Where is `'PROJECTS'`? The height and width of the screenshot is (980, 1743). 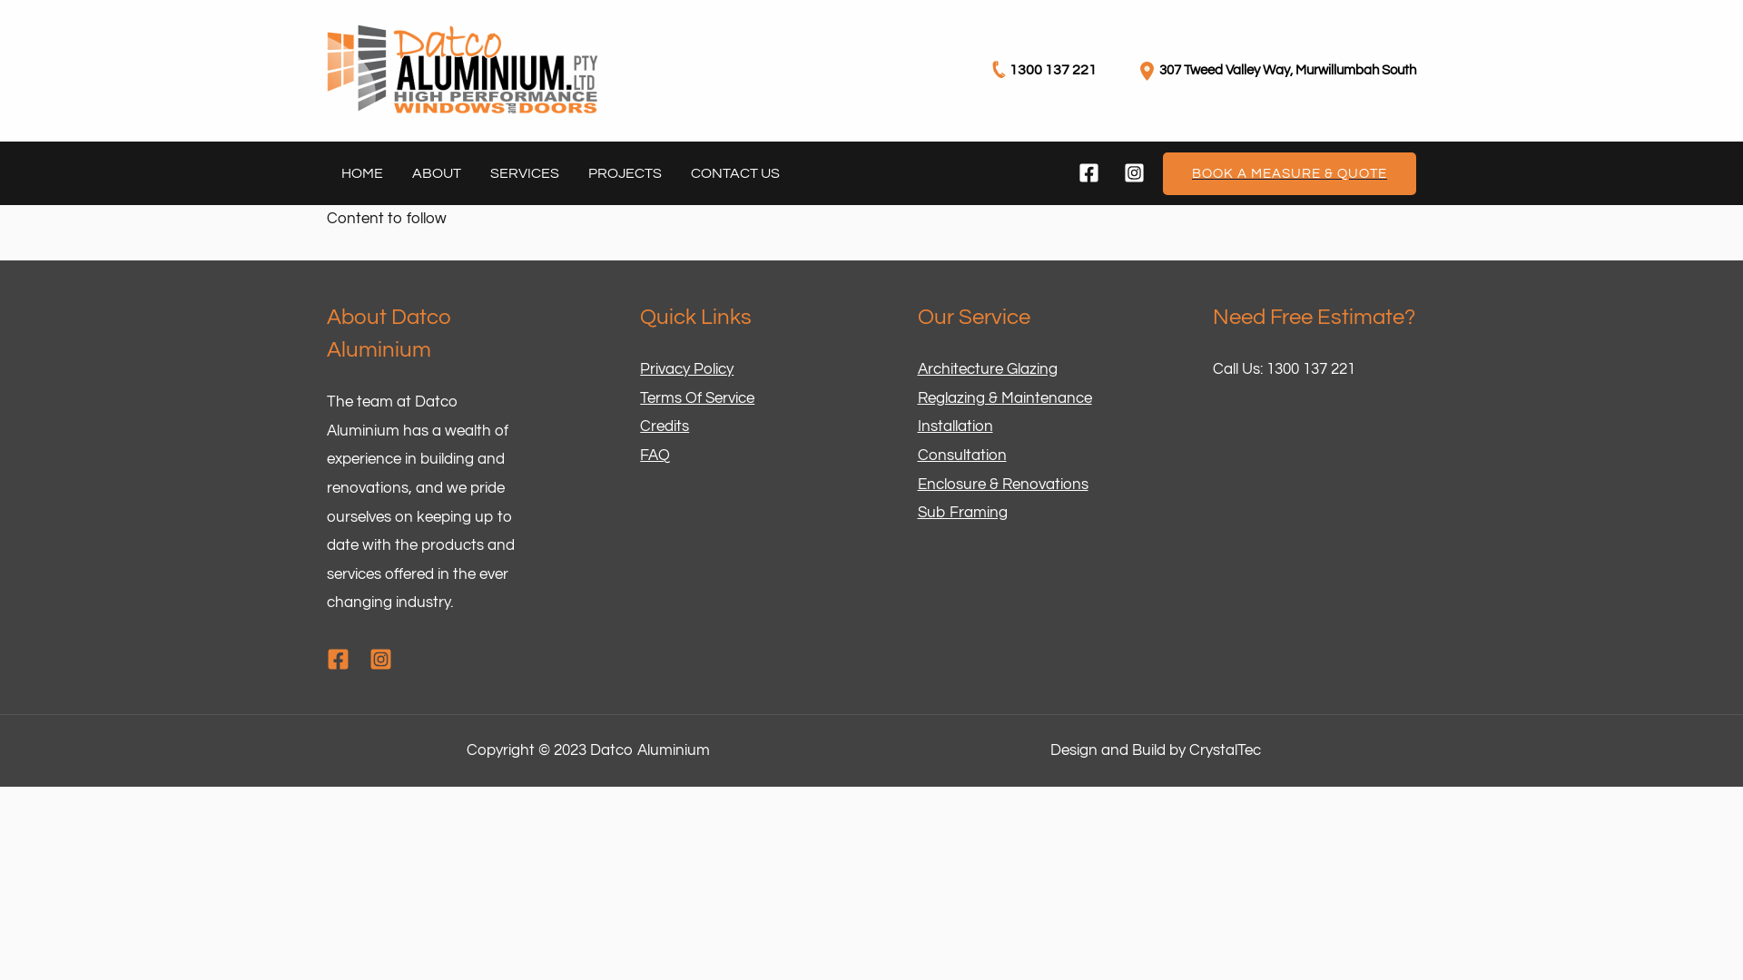
'PROJECTS' is located at coordinates (625, 173).